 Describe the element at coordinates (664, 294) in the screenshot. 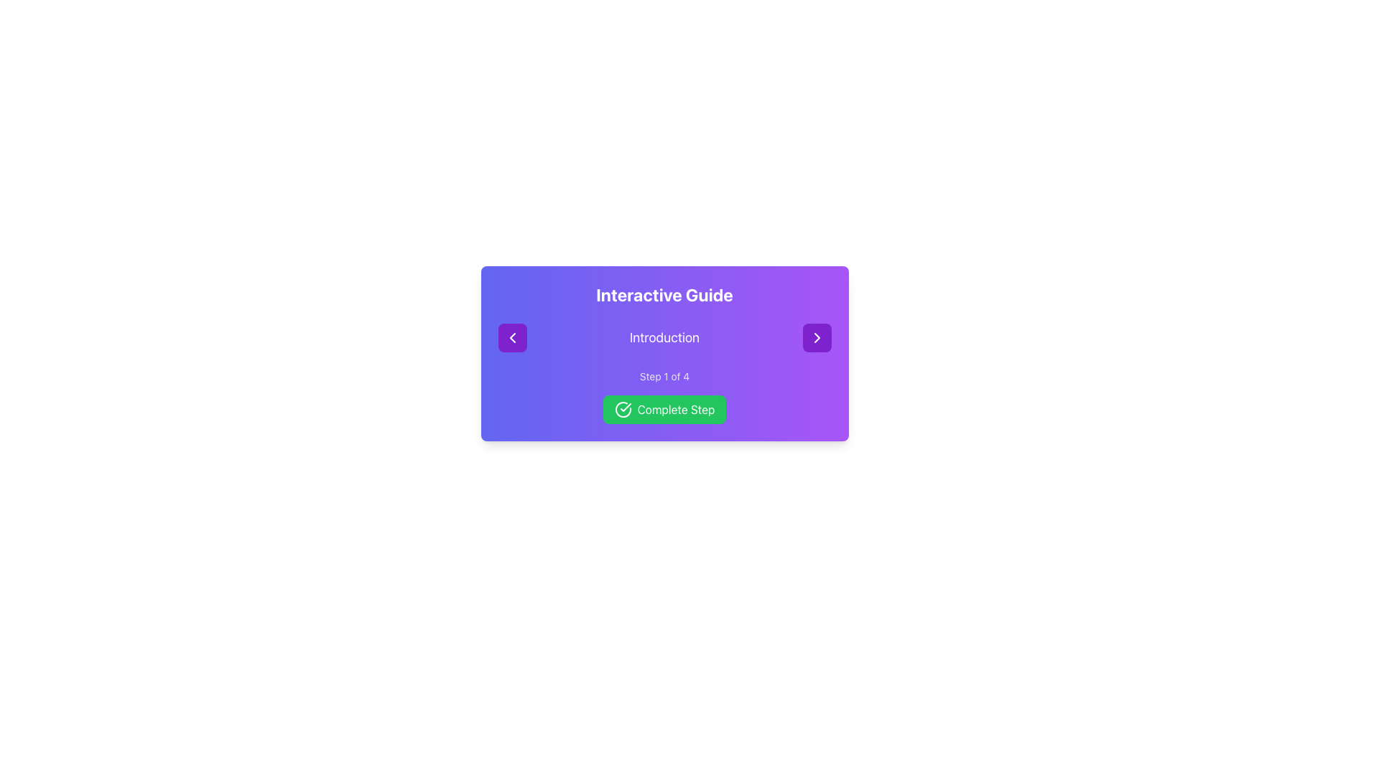

I see `the title text element located at the top center of the card layout, which serves as the heading for the interactive guide` at that location.